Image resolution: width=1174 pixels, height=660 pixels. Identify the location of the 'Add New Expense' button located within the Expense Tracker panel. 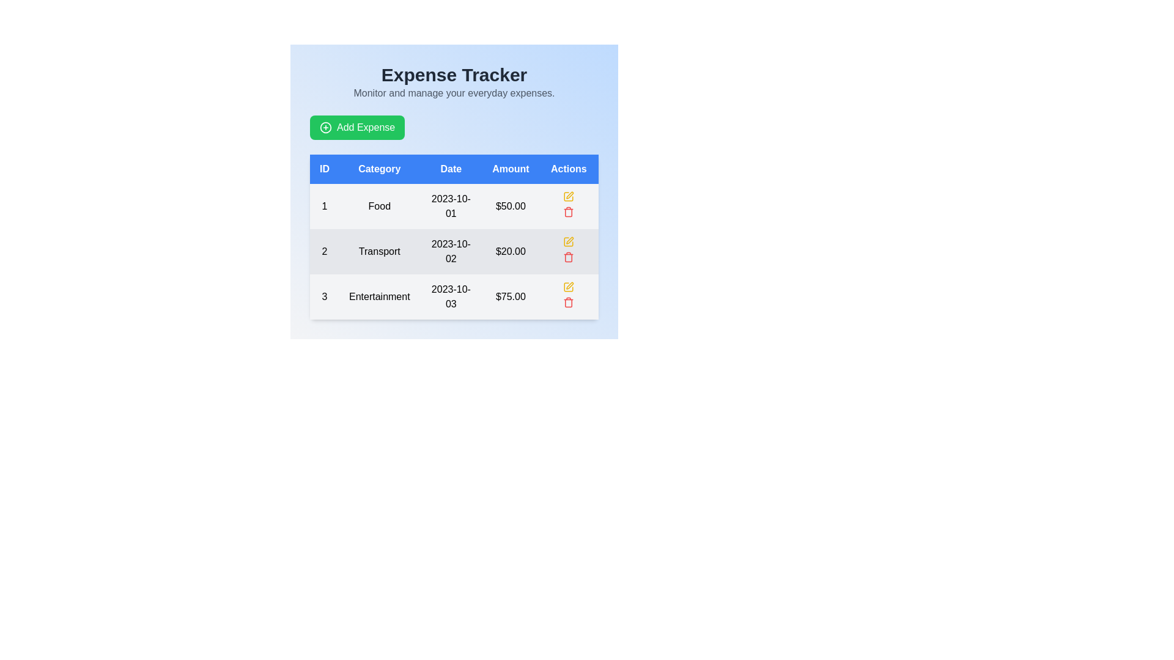
(356, 127).